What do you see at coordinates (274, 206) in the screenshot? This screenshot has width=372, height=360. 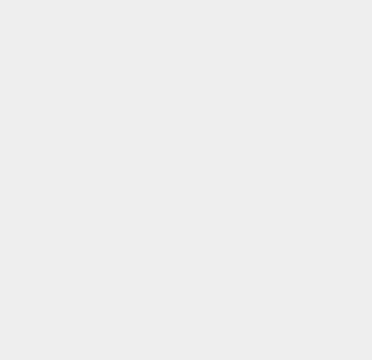 I see `'Opensn0w'` at bounding box center [274, 206].